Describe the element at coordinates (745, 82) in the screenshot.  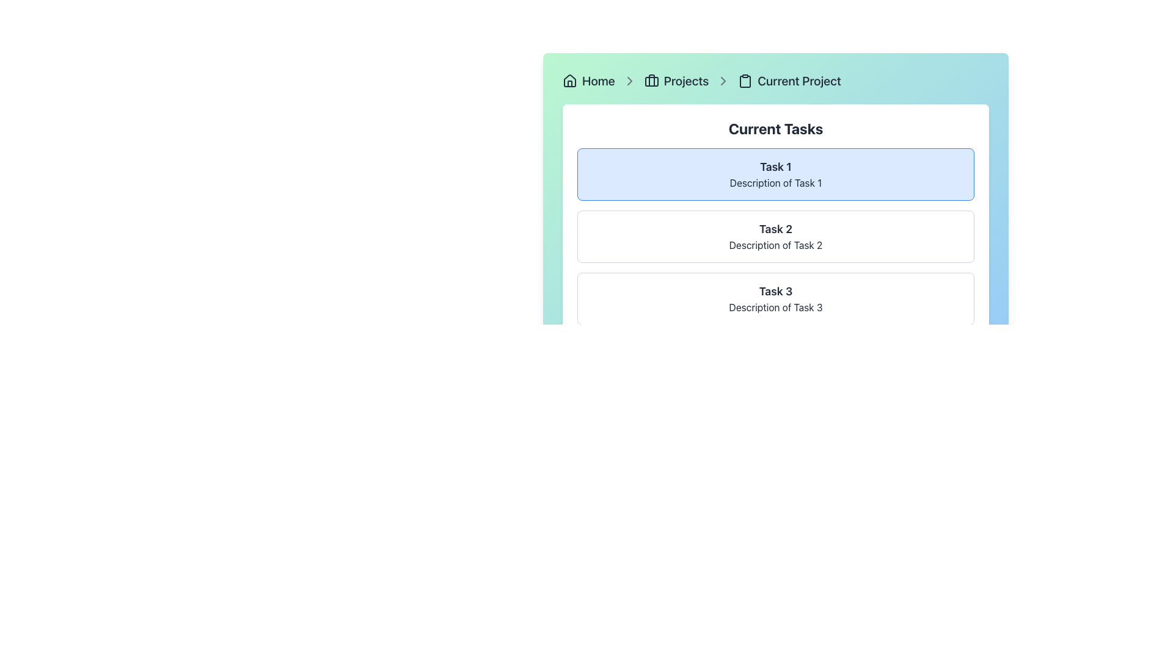
I see `the 'Current Project' icon in the breadcrumb navigation bar, positioned to the right of the 'Projects' link, to visually identify the currently selected project context` at that location.